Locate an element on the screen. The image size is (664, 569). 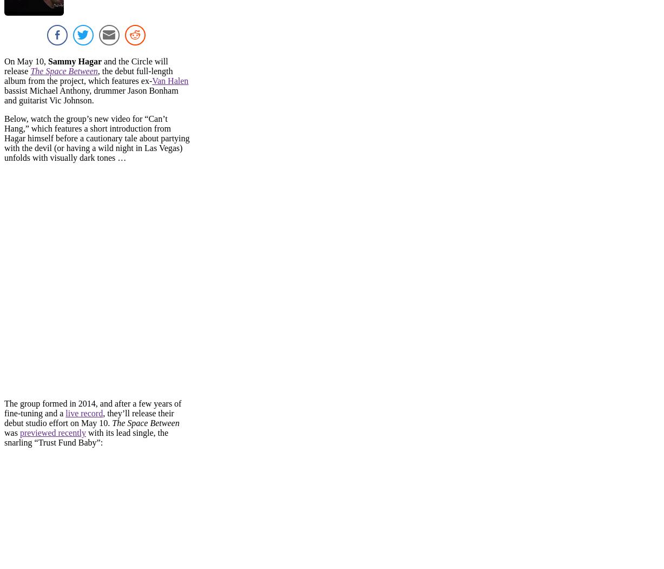
', the debut full-length album from the project, which features ex-' is located at coordinates (88, 75).